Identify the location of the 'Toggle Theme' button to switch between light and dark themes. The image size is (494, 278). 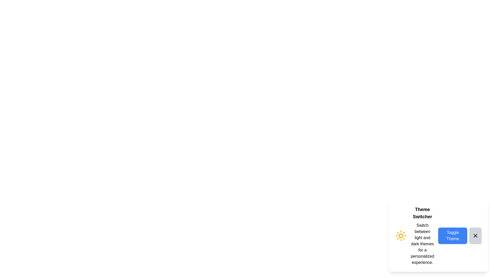
(452, 236).